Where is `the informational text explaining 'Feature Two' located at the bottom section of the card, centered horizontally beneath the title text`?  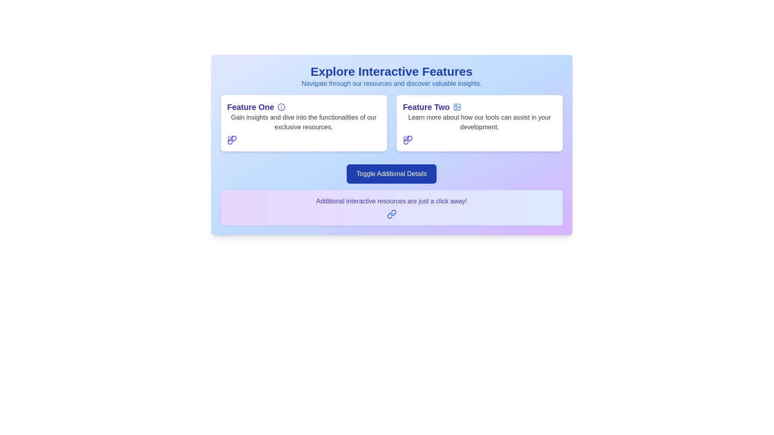
the informational text explaining 'Feature Two' located at the bottom section of the card, centered horizontally beneath the title text is located at coordinates (479, 122).